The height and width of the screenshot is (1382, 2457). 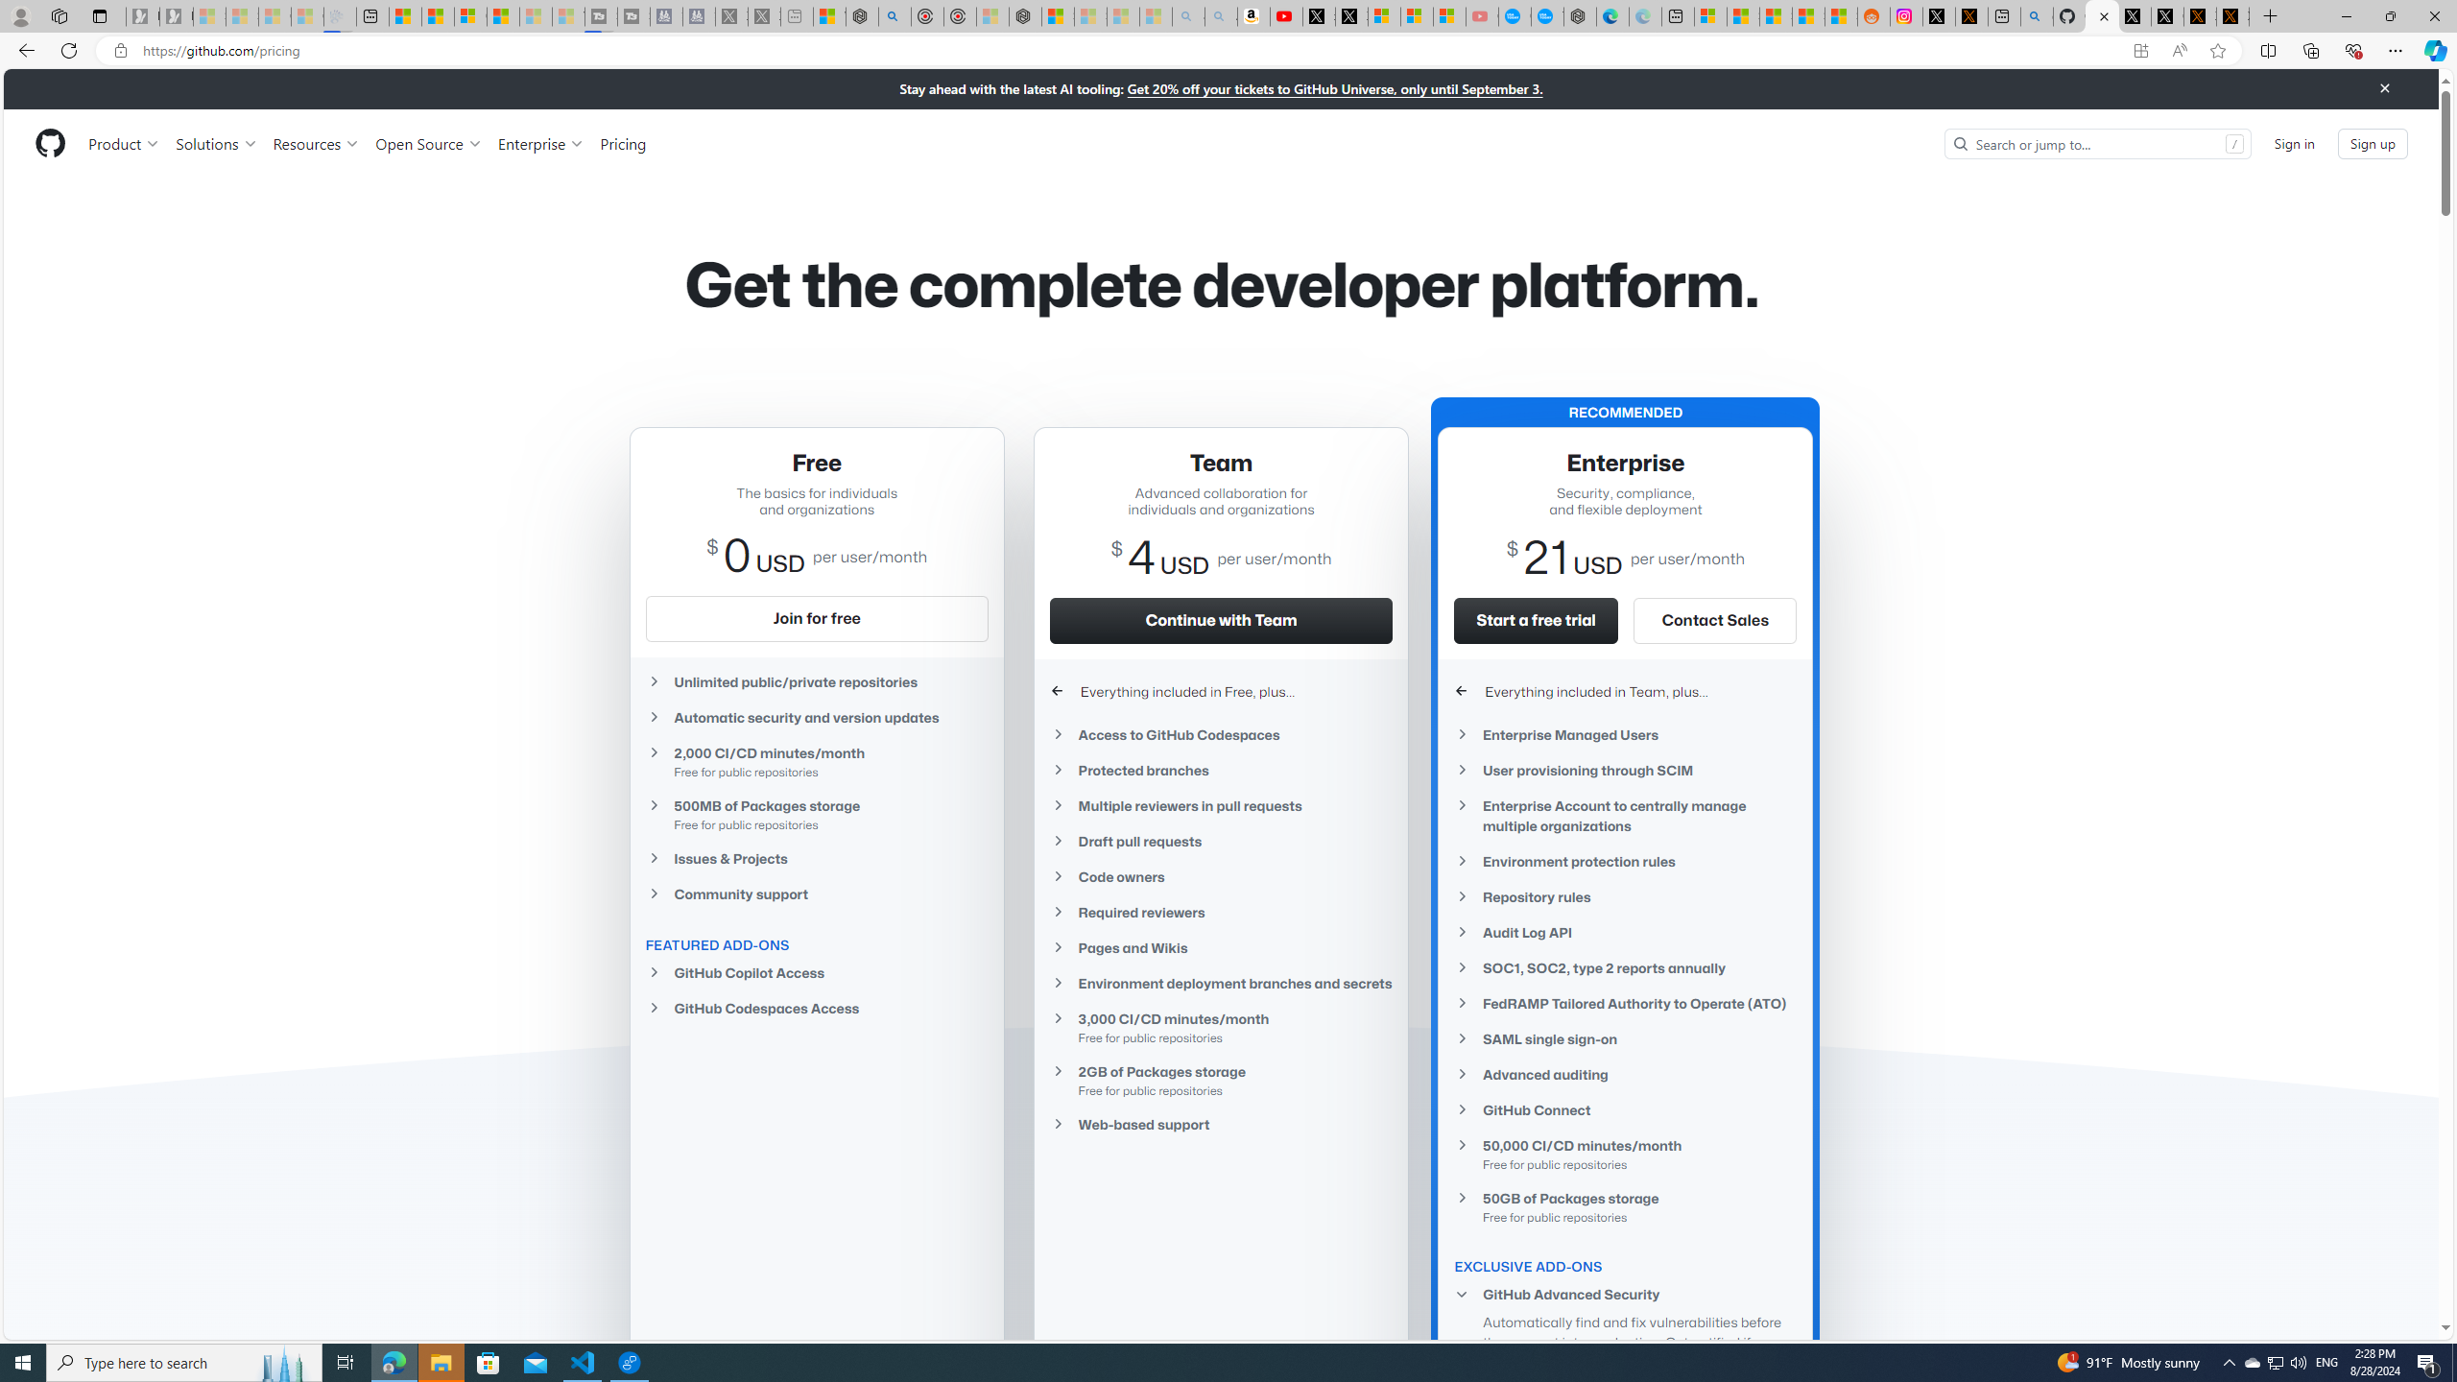 What do you see at coordinates (1625, 966) in the screenshot?
I see `'SOC1, SOC2, type 2 reports annually'` at bounding box center [1625, 966].